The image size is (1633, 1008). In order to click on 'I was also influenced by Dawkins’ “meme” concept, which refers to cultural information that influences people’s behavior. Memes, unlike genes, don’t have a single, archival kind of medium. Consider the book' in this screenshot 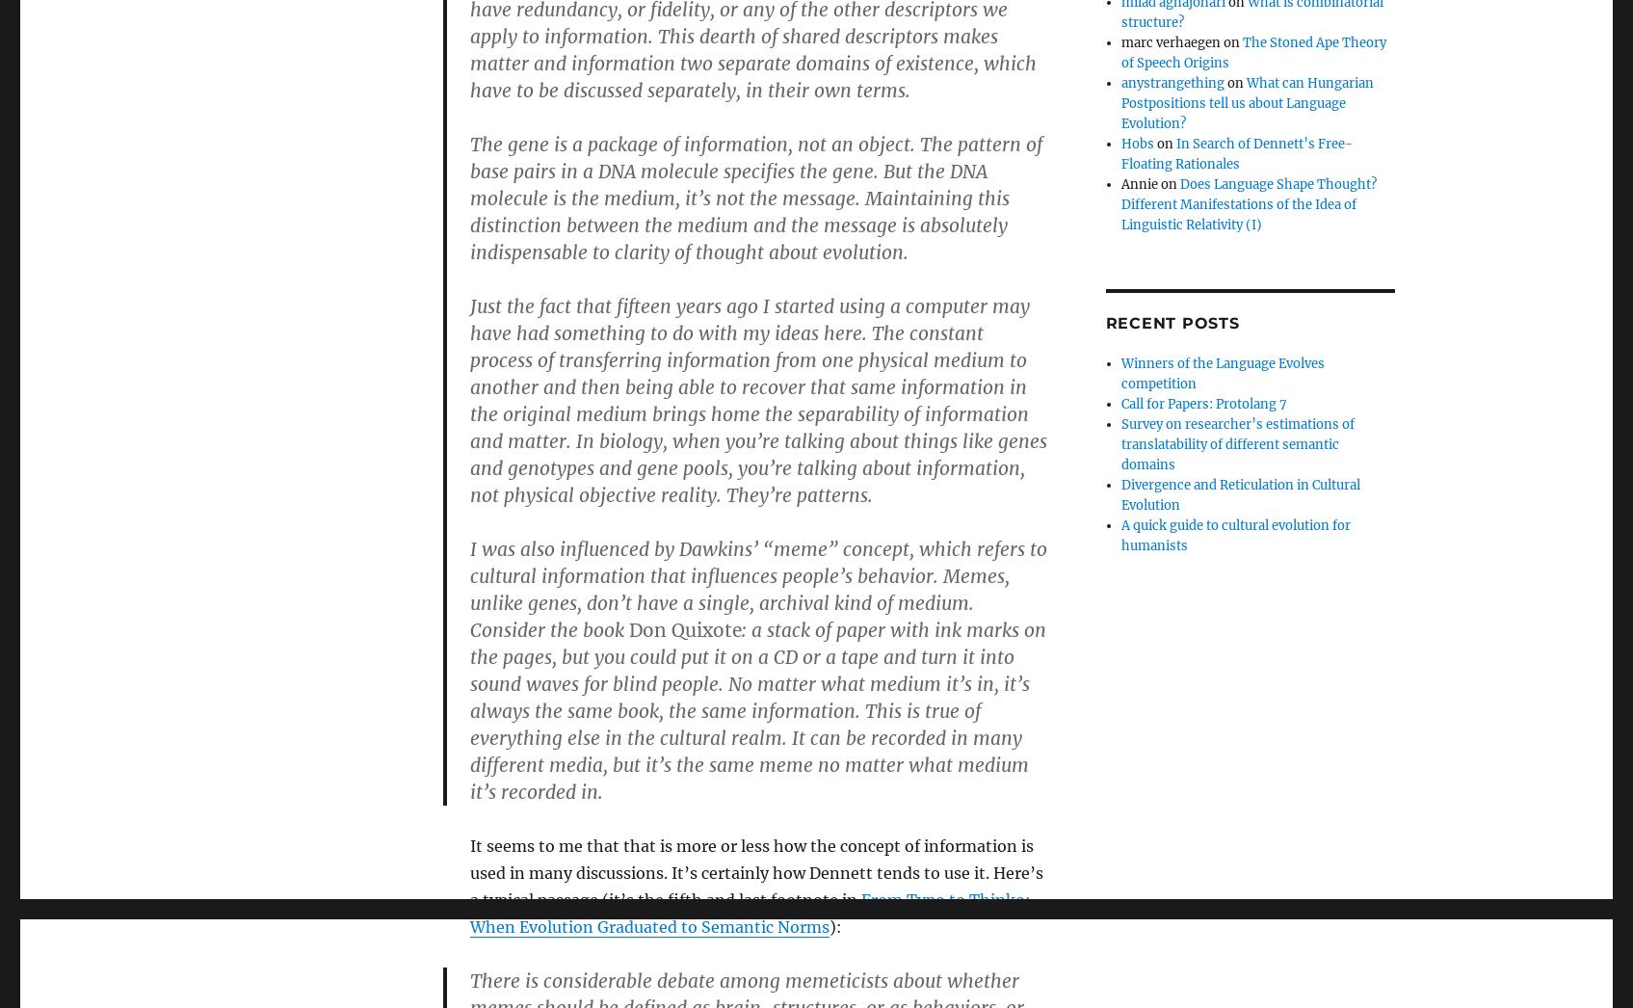, I will do `click(757, 590)`.